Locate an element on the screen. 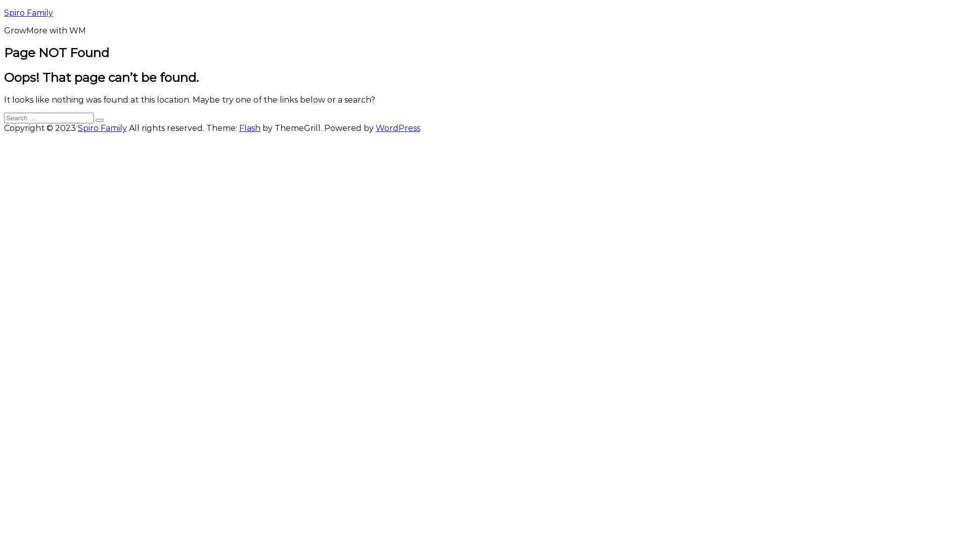  'Flash' is located at coordinates (250, 127).